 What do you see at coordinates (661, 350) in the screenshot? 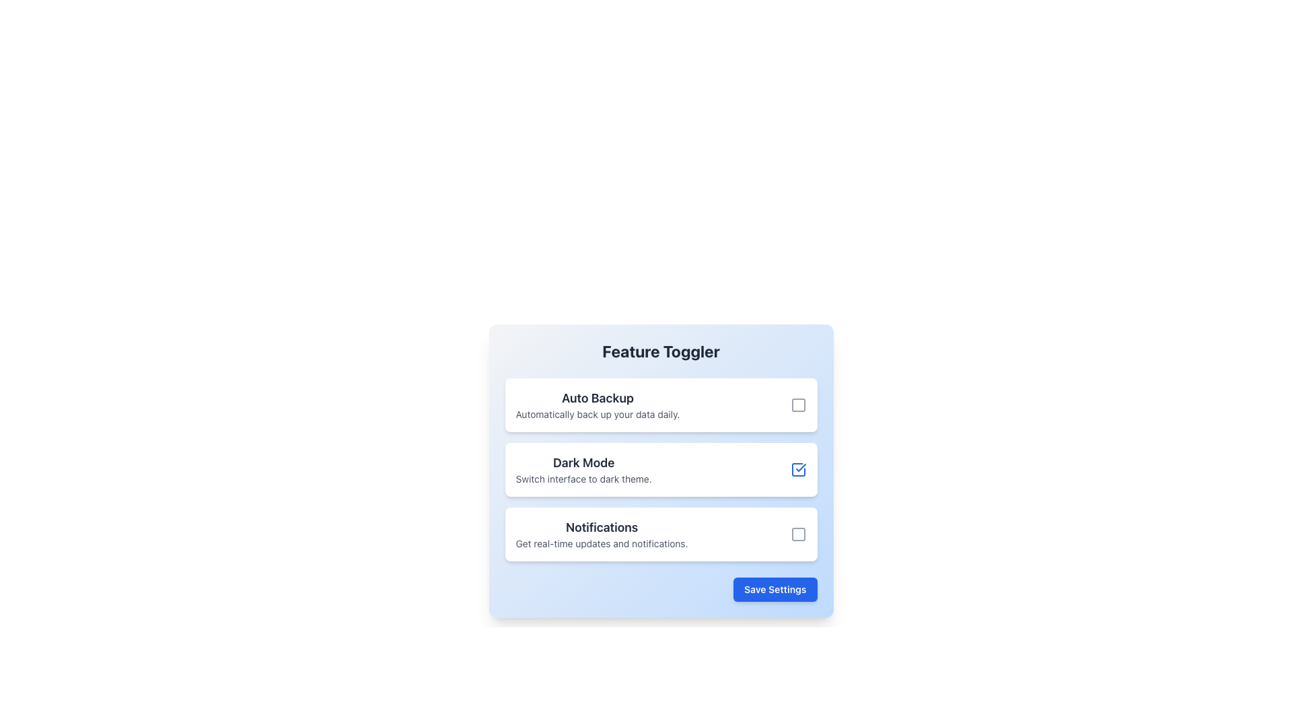
I see `the large, bolded heading text that reads 'Feature Toggler', which is centrally aligned at the top of its section` at bounding box center [661, 350].